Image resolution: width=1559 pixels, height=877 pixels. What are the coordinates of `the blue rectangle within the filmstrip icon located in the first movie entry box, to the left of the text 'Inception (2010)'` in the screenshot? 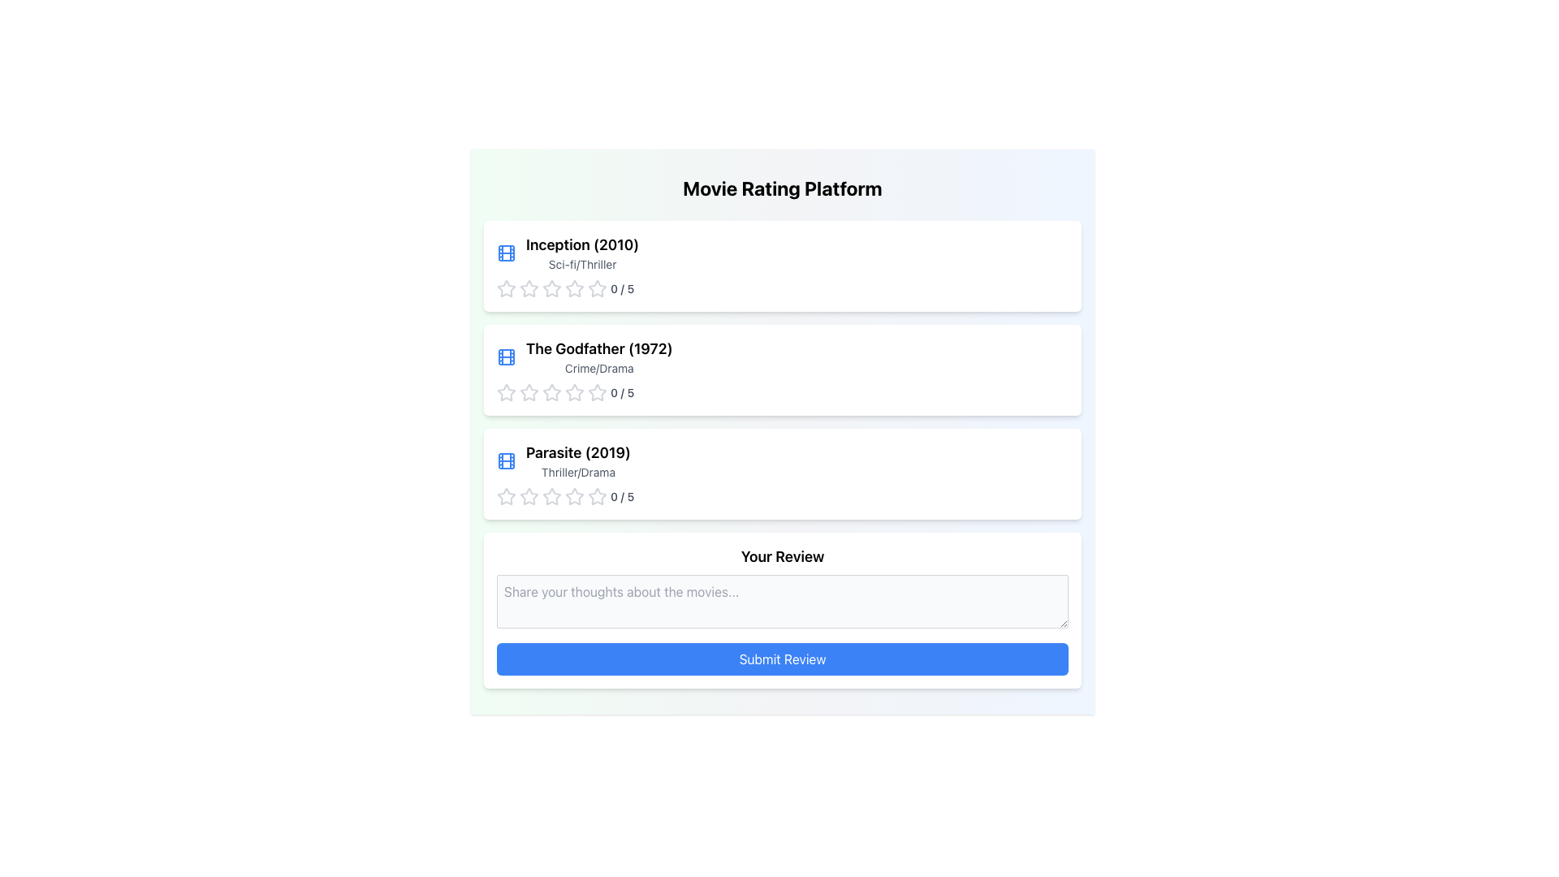 It's located at (506, 460).